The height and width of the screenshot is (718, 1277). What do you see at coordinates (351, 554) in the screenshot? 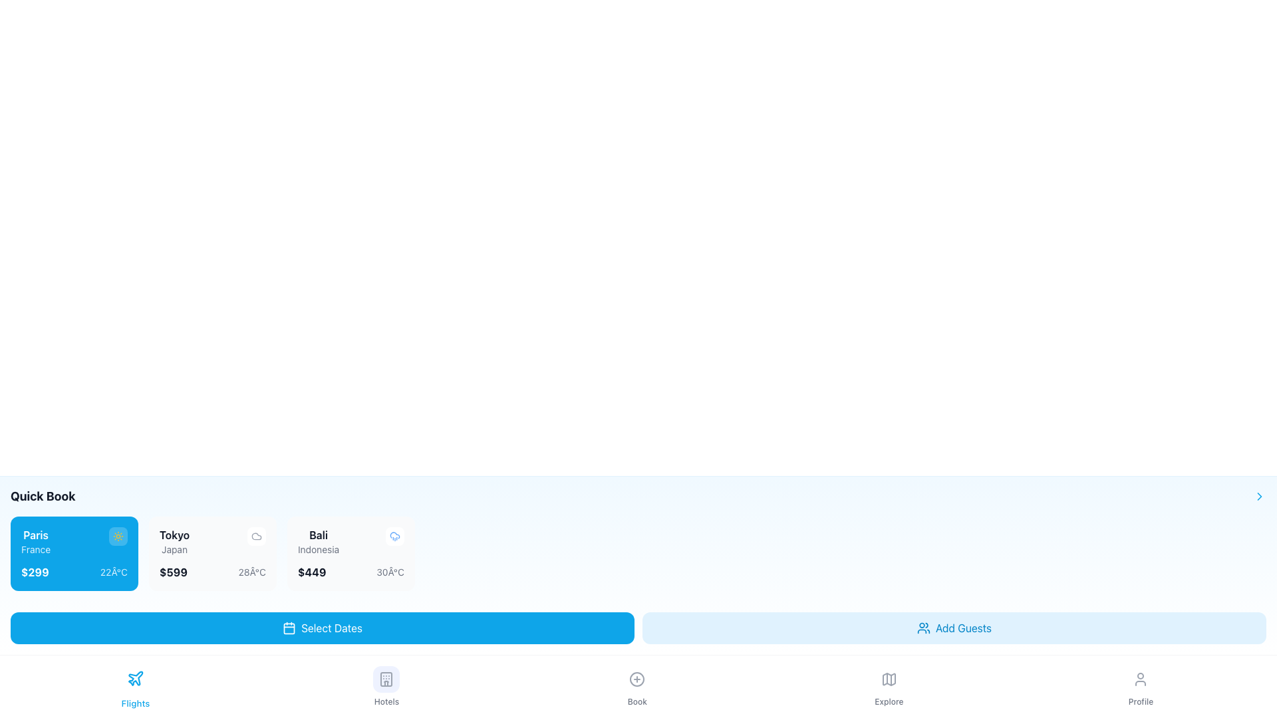
I see `the Informational Card displaying details about a travel destination, which is the third card in a horizontally scrollable list` at bounding box center [351, 554].